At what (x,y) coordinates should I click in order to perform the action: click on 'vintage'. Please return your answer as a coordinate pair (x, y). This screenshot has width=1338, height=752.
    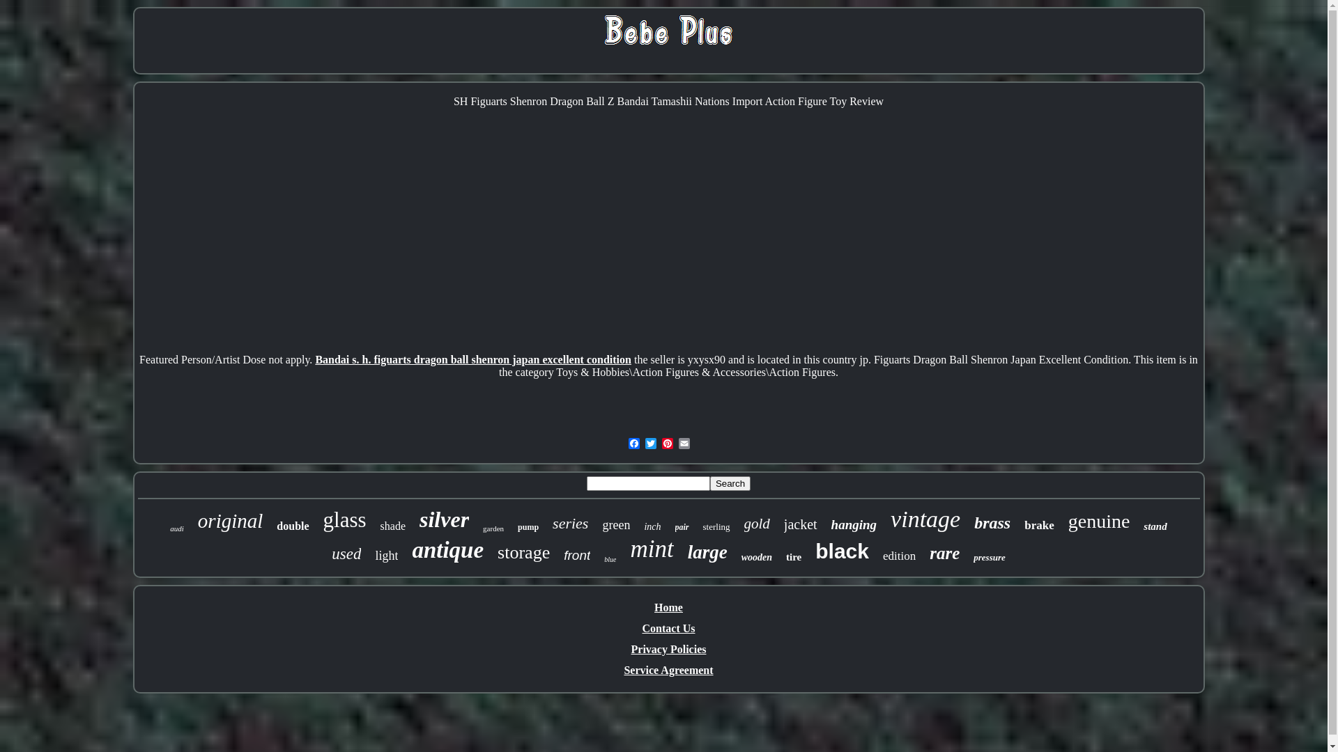
    Looking at the image, I should click on (889, 519).